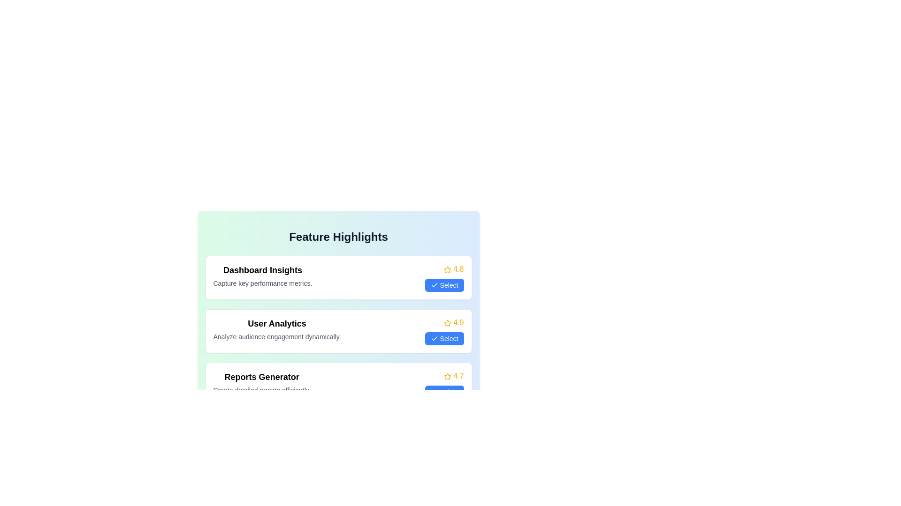 The width and height of the screenshot is (901, 506). I want to click on the 'Select' button for the item User Analytics, so click(443, 338).